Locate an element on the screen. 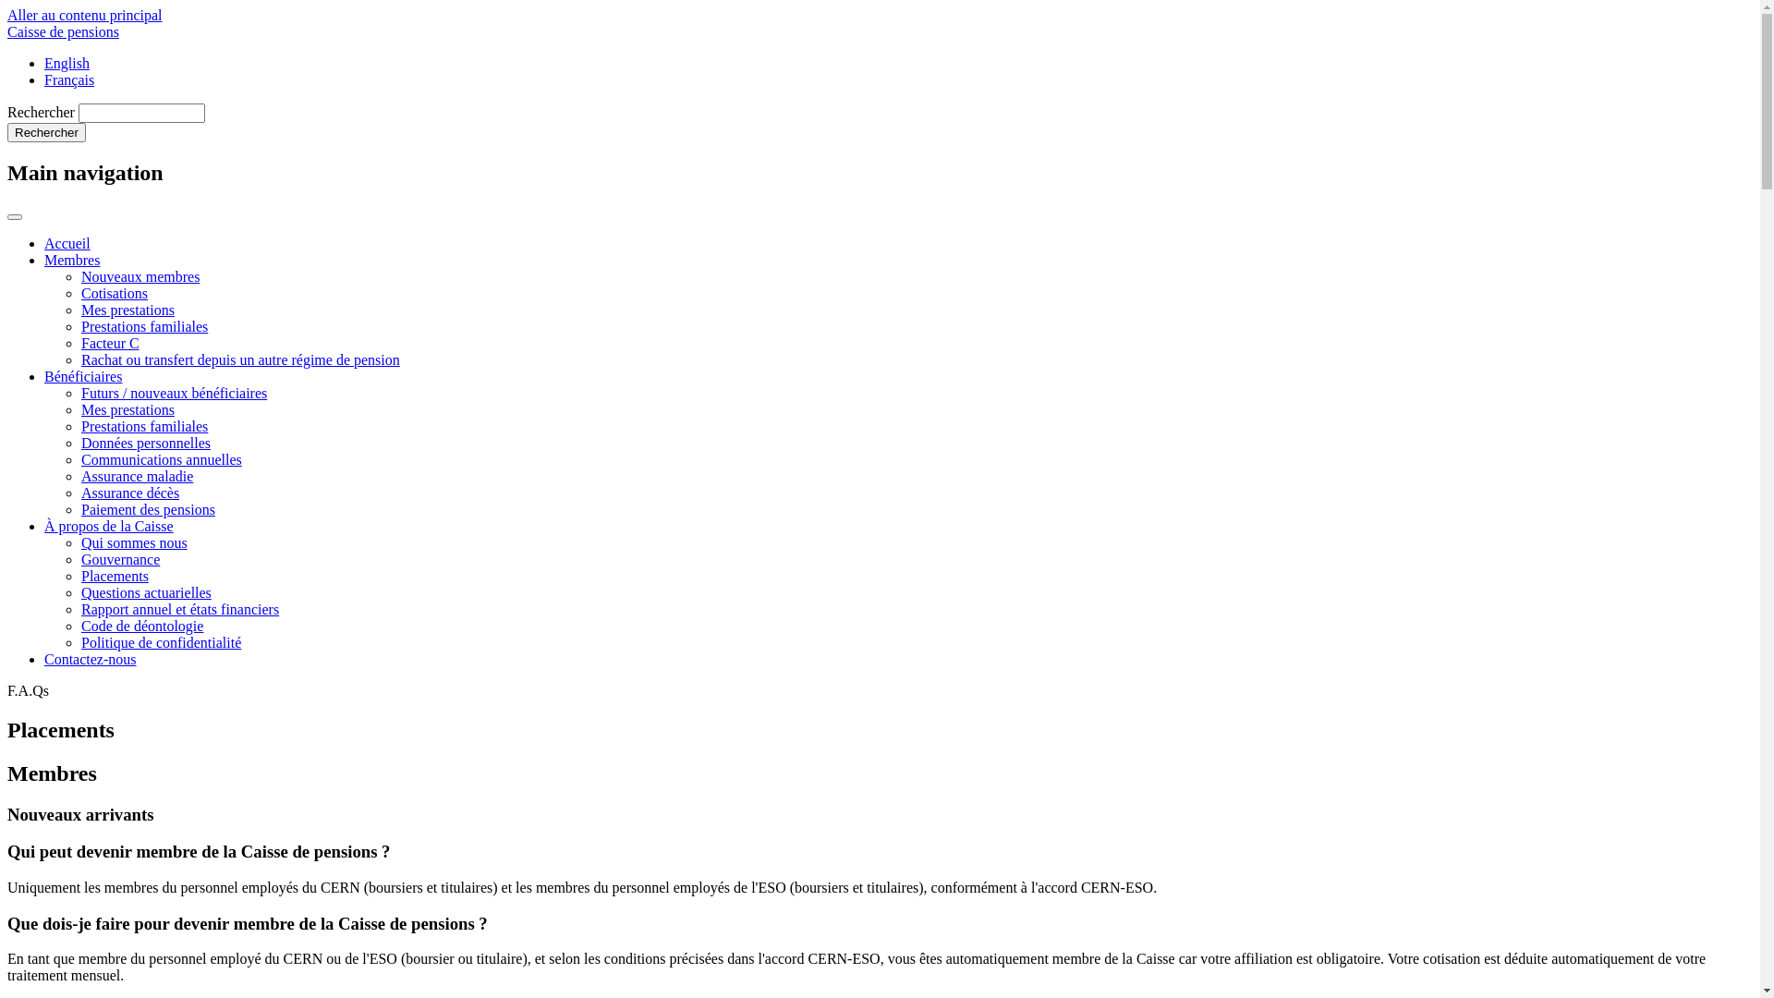 The width and height of the screenshot is (1774, 998). 'Aller au contenu principal' is located at coordinates (83, 15).